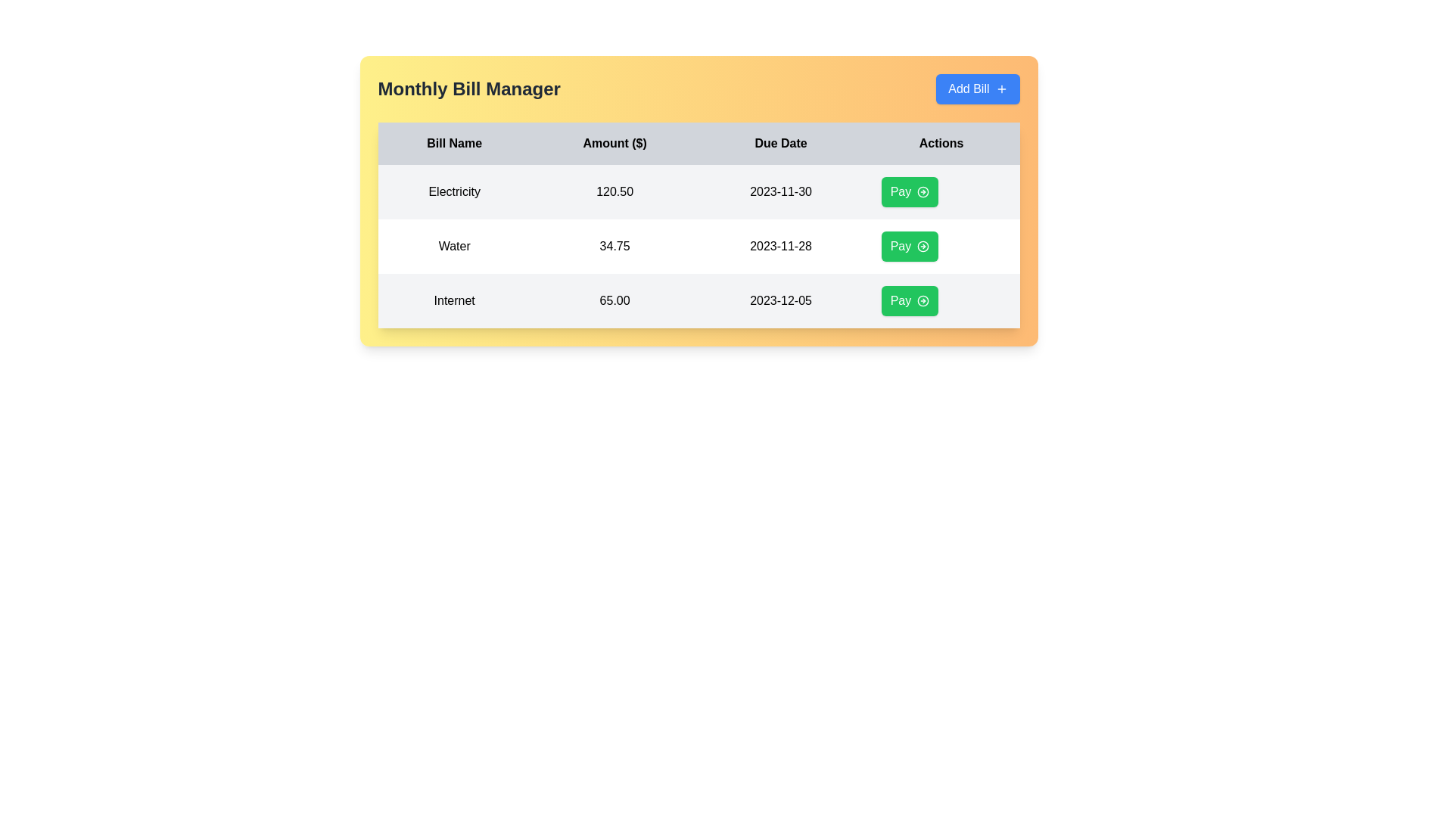  Describe the element at coordinates (941, 143) in the screenshot. I see `the 'Actions' column header in the table, which is the last column after 'Bill Name,' 'Amount ($),' and 'Due Date.'` at that location.